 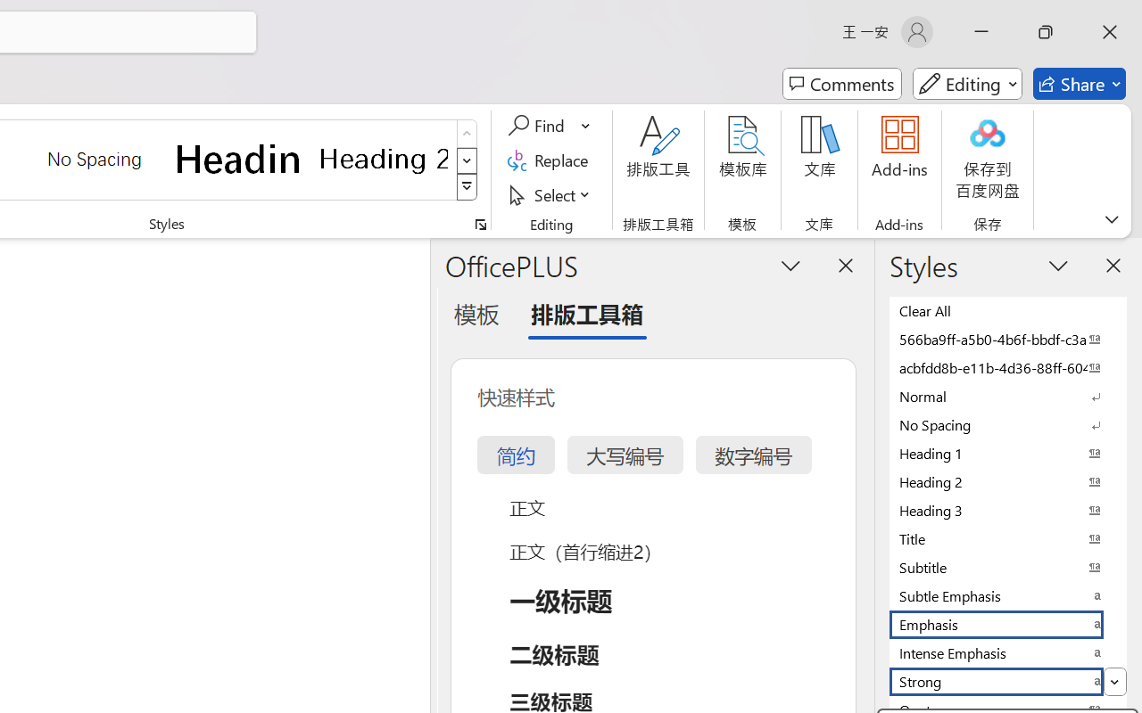 What do you see at coordinates (467, 134) in the screenshot?
I see `'Row up'` at bounding box center [467, 134].